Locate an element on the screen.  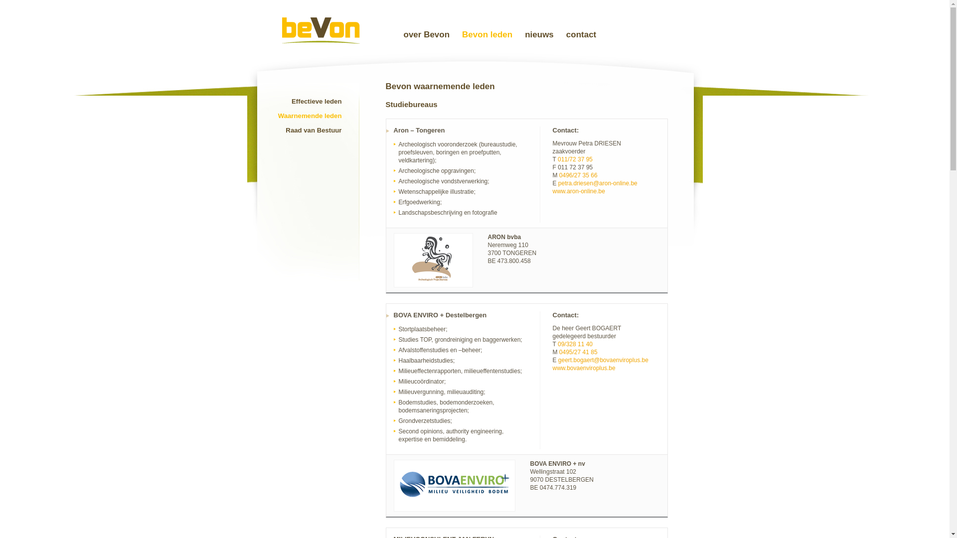
'Waarnemende leden' is located at coordinates (278, 115).